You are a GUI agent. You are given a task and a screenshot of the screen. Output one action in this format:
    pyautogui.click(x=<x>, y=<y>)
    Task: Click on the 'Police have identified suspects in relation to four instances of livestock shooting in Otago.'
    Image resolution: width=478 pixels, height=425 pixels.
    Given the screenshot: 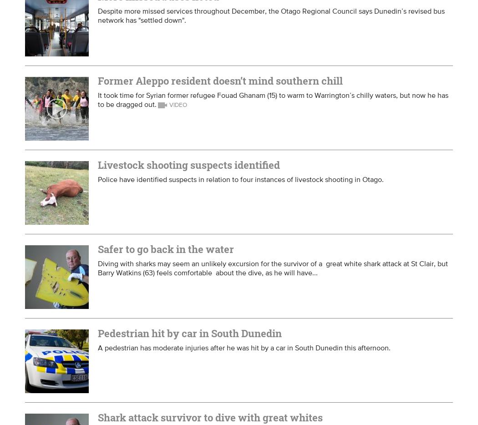 What is the action you would take?
    pyautogui.click(x=240, y=178)
    